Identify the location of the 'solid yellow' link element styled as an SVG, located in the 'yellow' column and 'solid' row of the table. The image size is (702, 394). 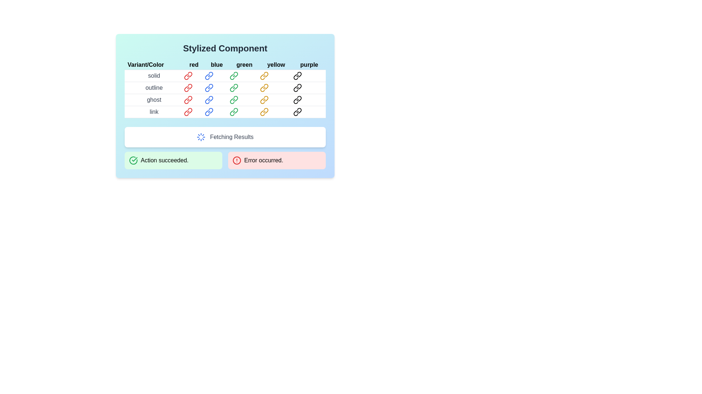
(264, 76).